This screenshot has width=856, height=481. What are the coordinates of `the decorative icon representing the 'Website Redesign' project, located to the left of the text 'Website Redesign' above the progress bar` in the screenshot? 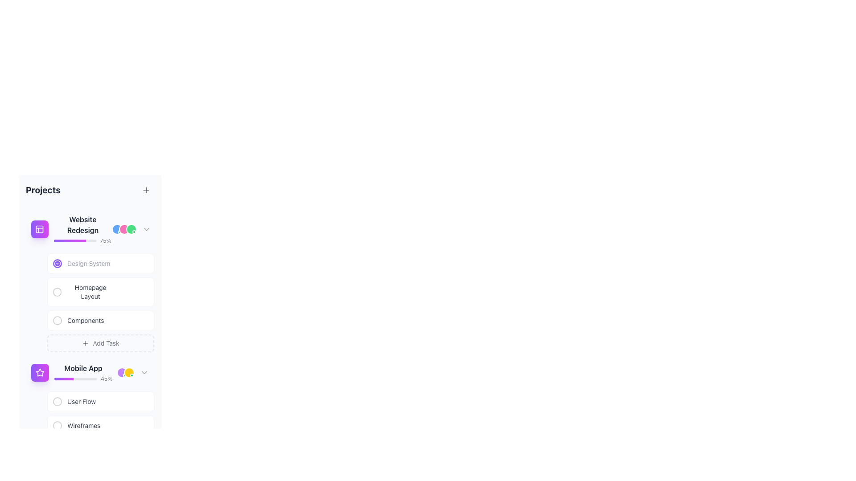 It's located at (39, 229).